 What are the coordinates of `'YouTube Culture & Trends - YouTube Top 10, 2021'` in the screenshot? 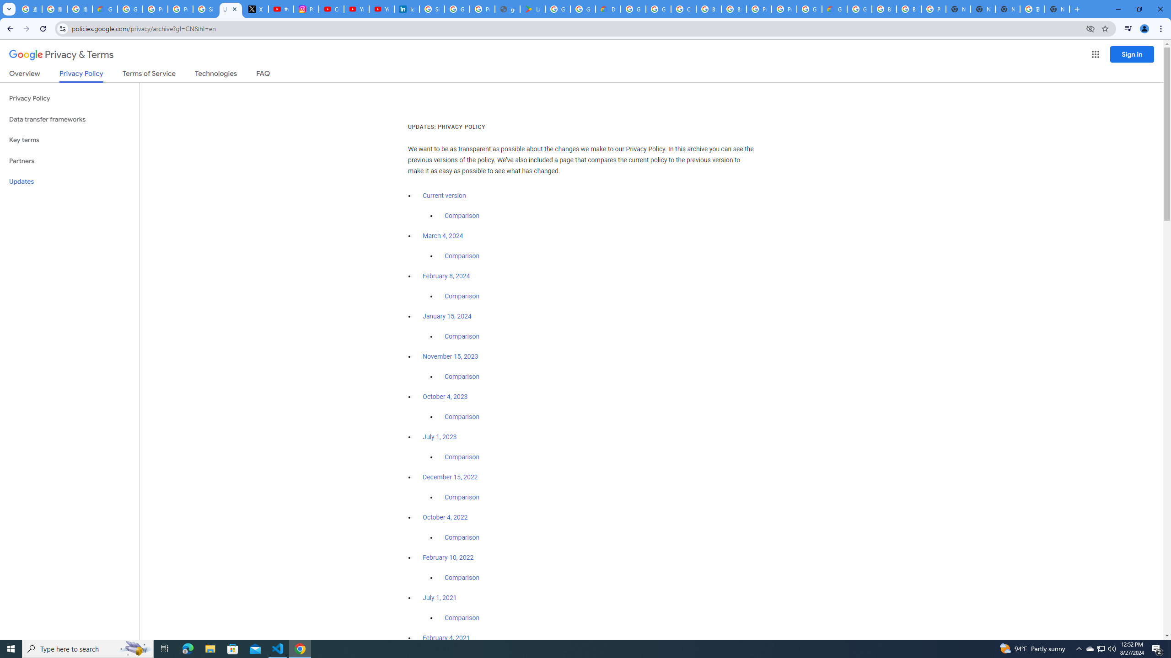 It's located at (381, 9).